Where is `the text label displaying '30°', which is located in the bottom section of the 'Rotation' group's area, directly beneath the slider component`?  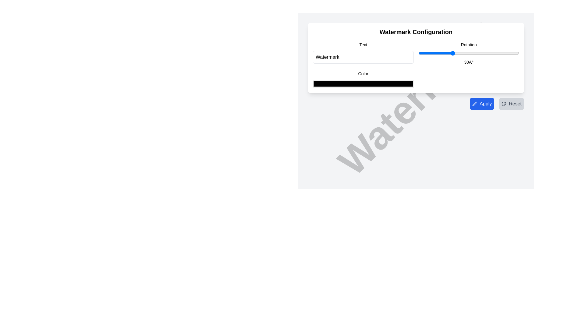
the text label displaying '30°', which is located in the bottom section of the 'Rotation' group's area, directly beneath the slider component is located at coordinates (468, 62).